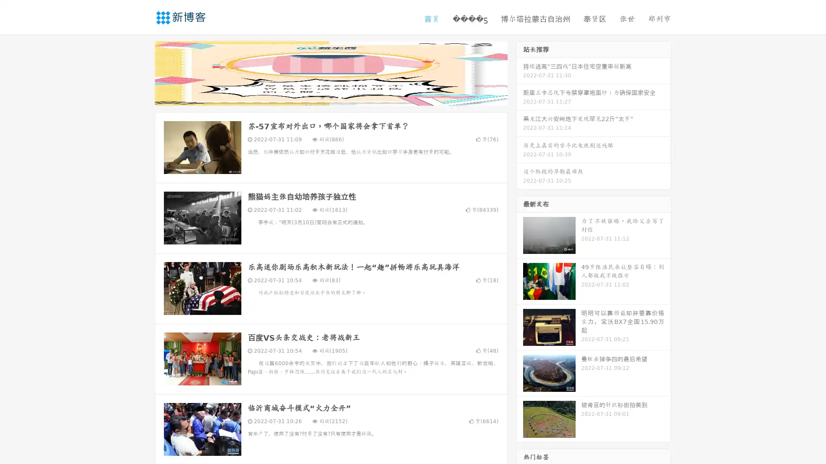  Describe the element at coordinates (330, 97) in the screenshot. I see `Go to slide 2` at that location.